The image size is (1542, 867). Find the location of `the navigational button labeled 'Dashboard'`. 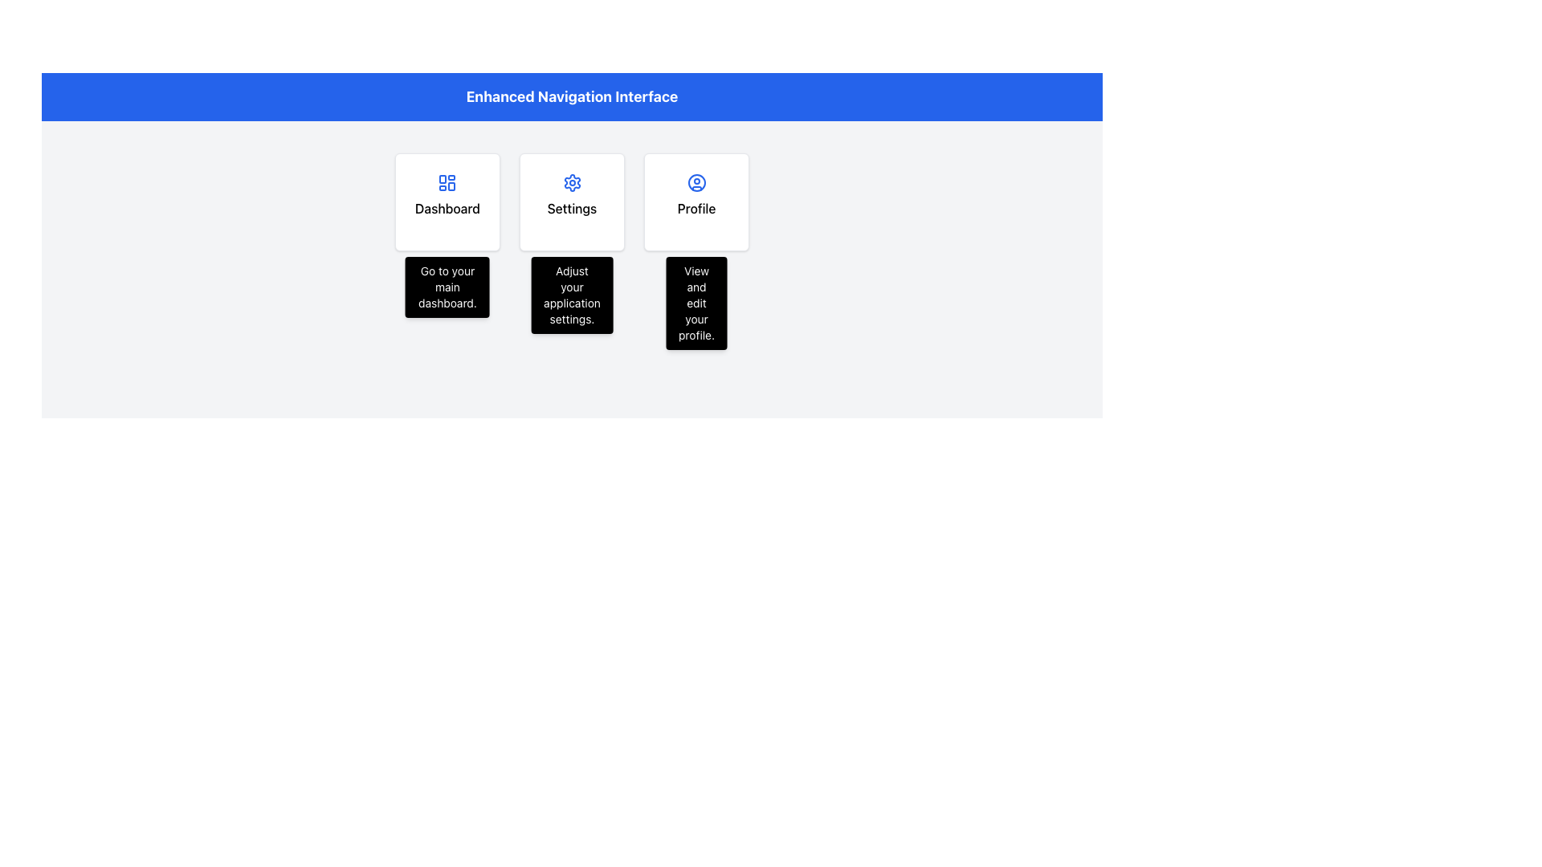

the navigational button labeled 'Dashboard' is located at coordinates (447, 201).